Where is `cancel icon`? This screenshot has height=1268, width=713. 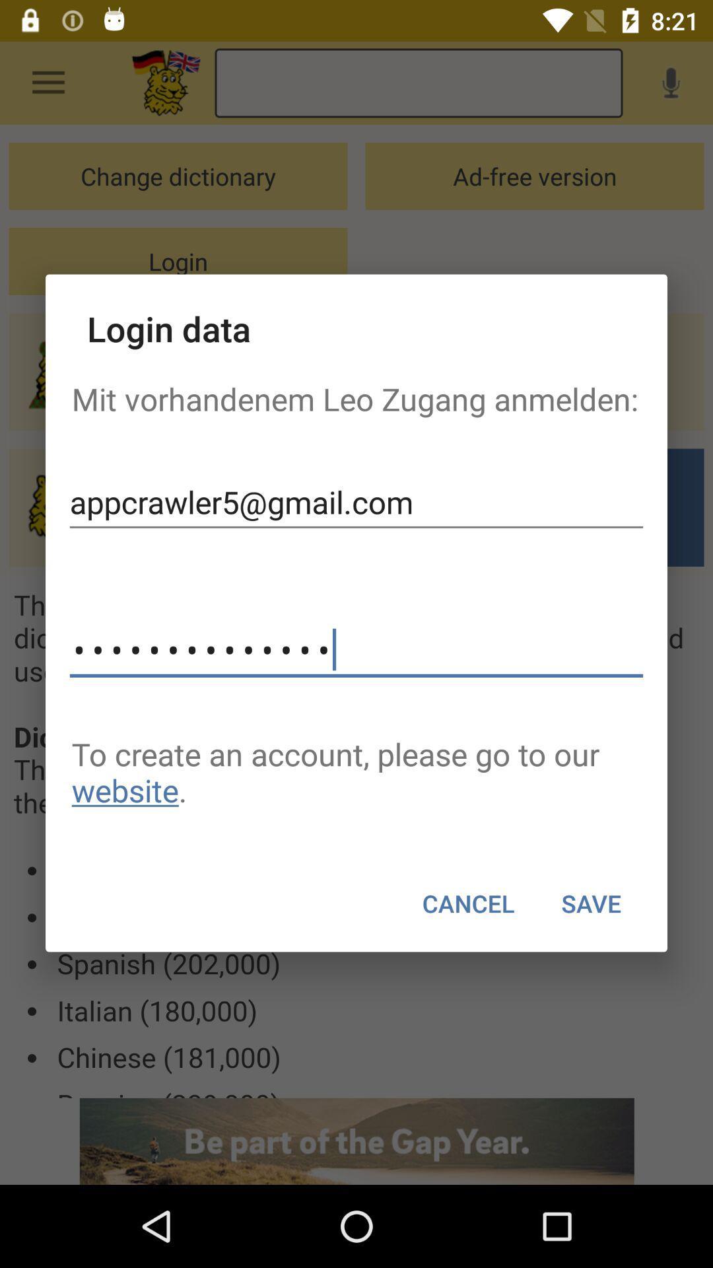 cancel icon is located at coordinates (467, 903).